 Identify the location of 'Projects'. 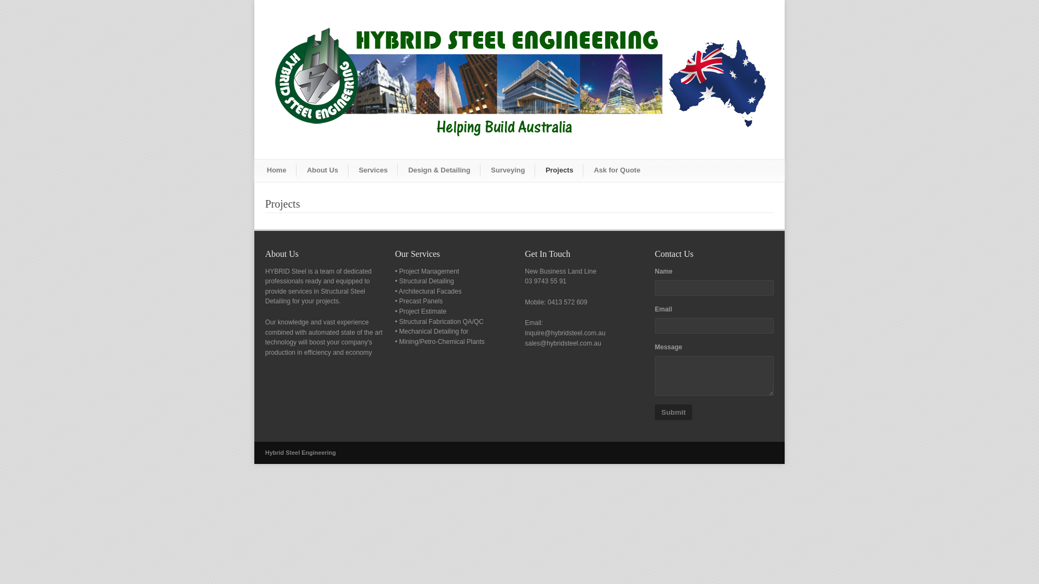
(559, 170).